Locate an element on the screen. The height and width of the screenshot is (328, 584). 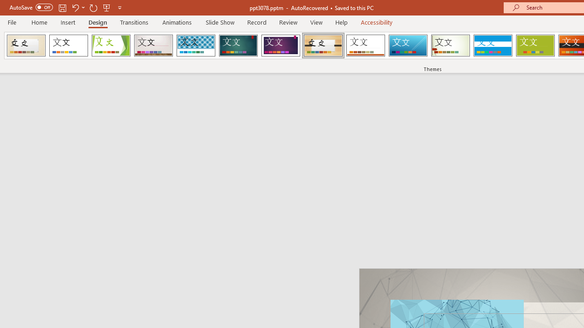
'Retrospect' is located at coordinates (365, 46).